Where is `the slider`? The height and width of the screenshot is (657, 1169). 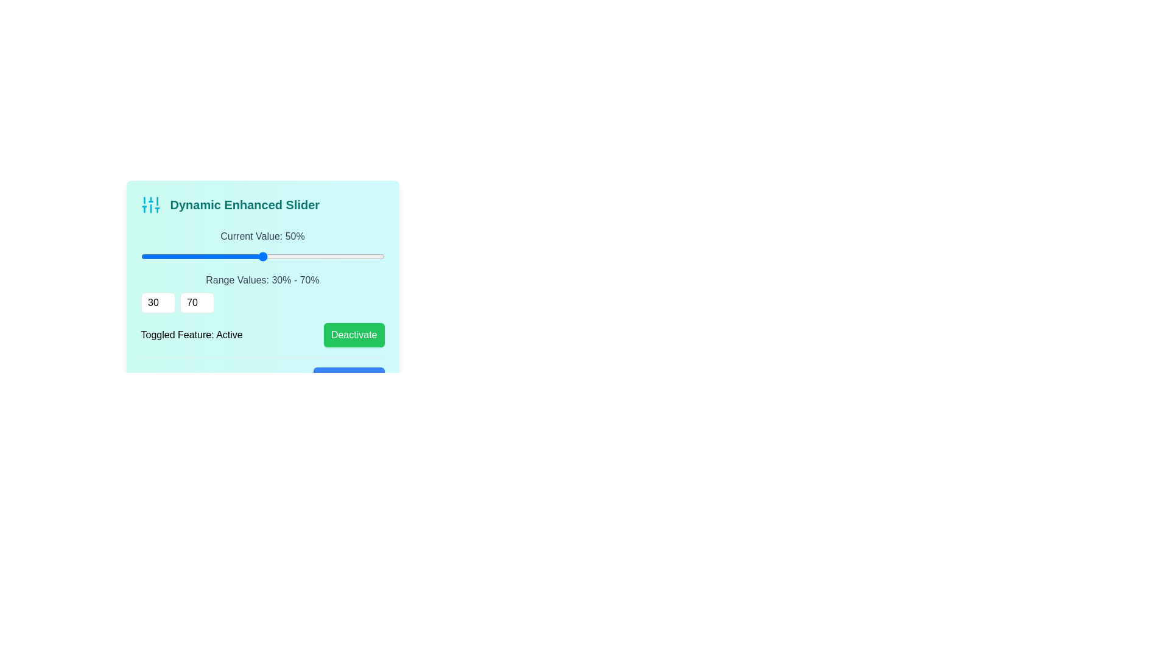 the slider is located at coordinates (232, 255).